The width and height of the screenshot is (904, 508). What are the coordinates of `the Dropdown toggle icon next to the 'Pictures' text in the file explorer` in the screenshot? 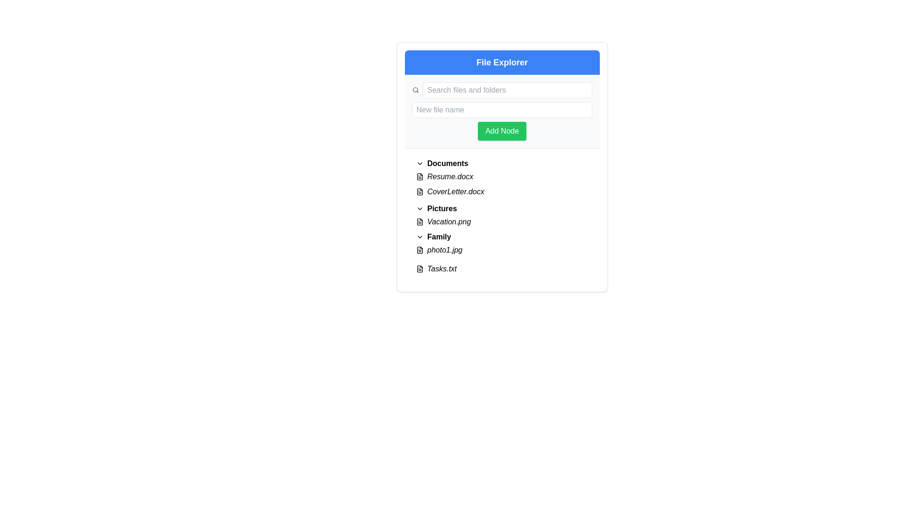 It's located at (419, 208).